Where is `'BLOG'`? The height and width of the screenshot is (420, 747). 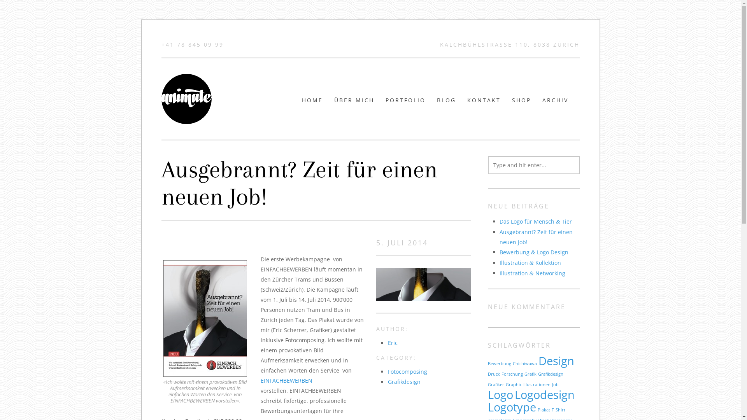 'BLOG' is located at coordinates (446, 103).